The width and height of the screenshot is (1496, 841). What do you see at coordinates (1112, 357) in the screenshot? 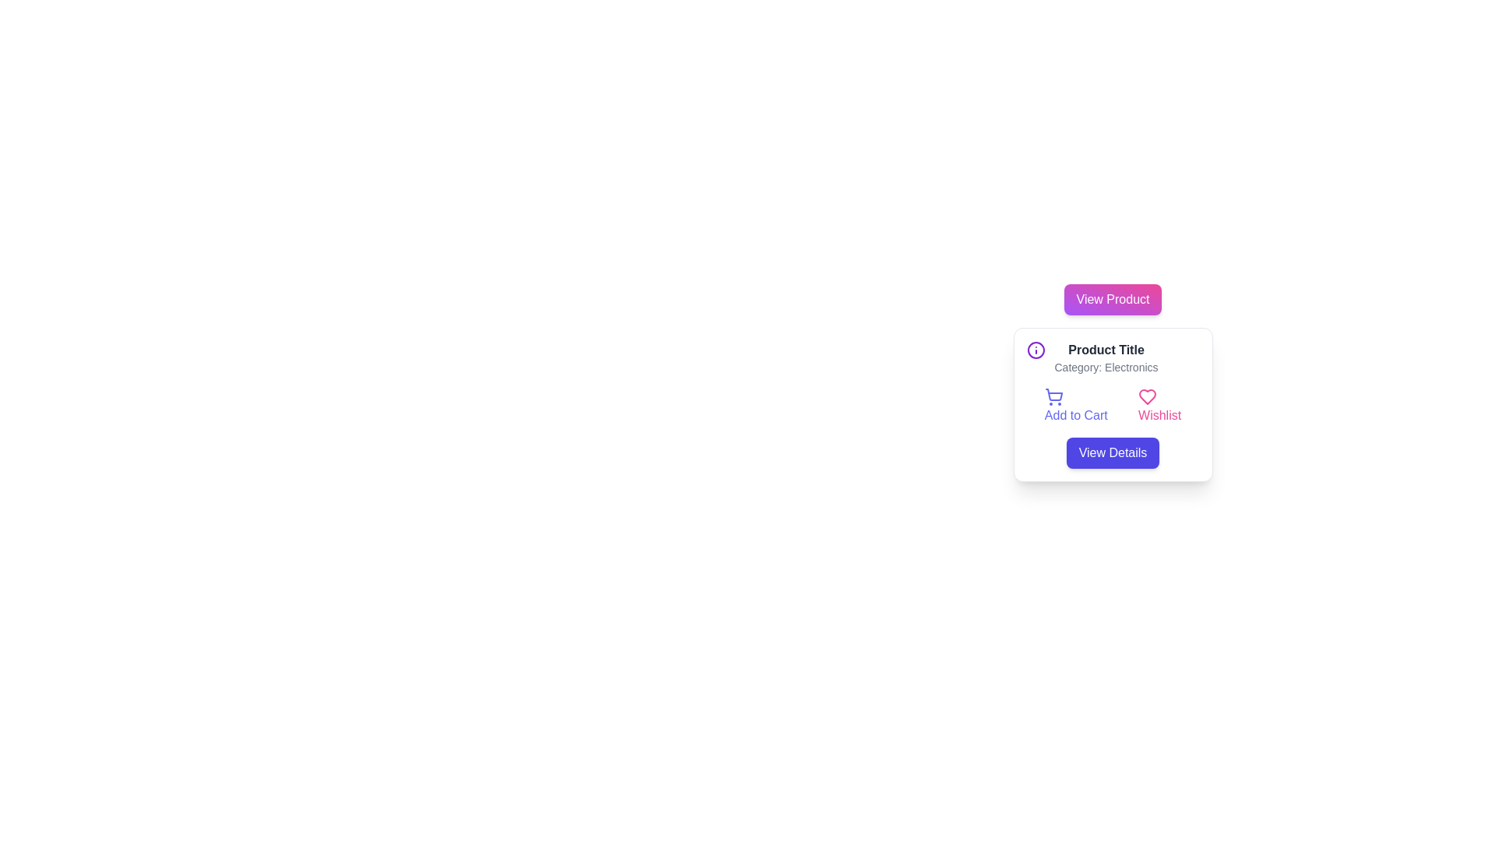
I see `text in the Information Display Section which contains 'Product Title' in bold black font and 'Category: Electronics' in gray smaller font, located beneath the purple 'View Product' button` at bounding box center [1112, 357].